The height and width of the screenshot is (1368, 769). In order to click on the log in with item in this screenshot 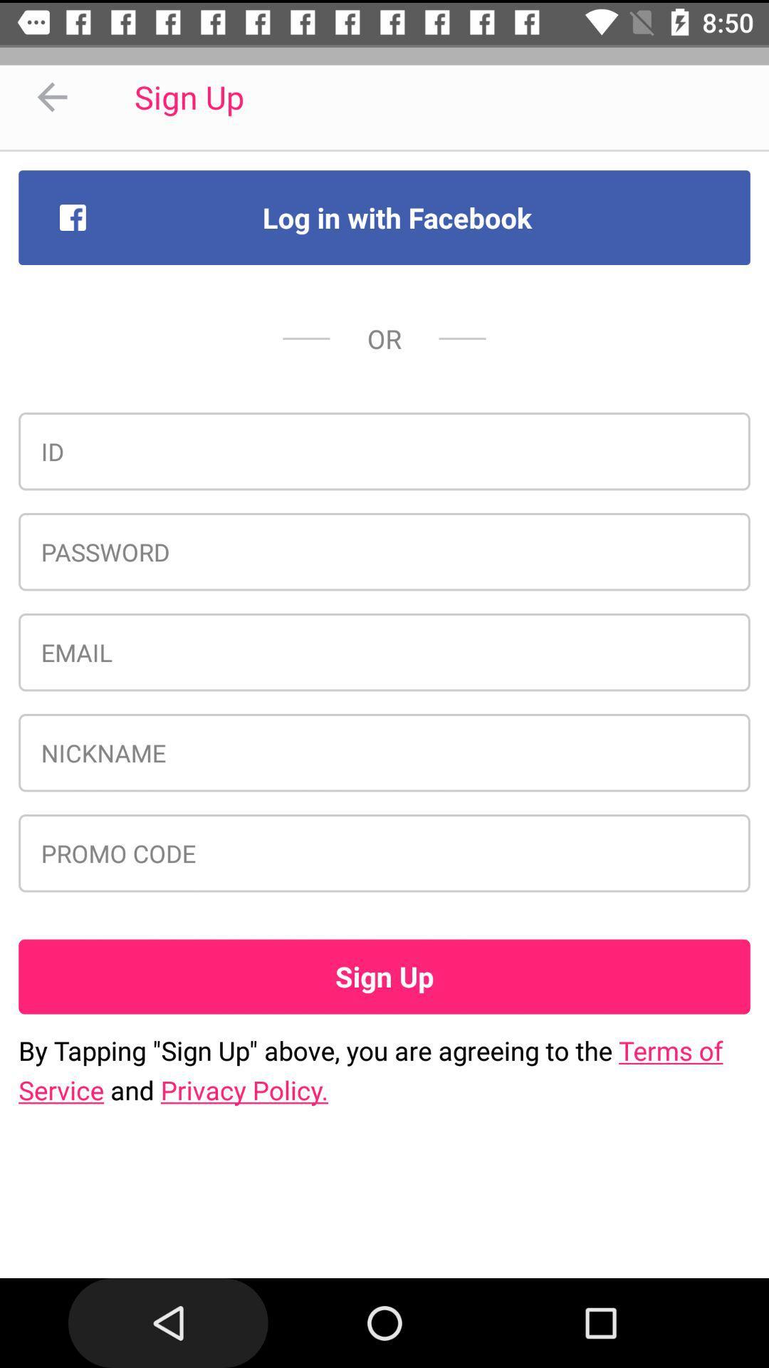, I will do `click(384, 217)`.